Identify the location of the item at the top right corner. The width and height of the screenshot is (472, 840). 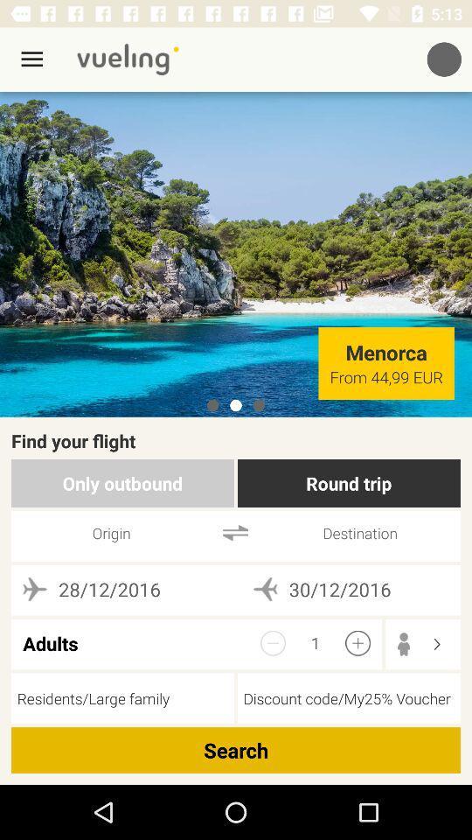
(444, 59).